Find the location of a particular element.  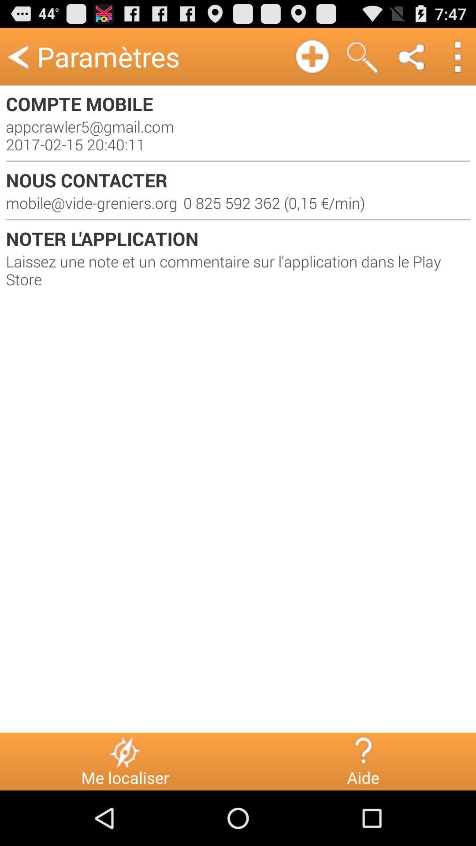

the flash icon is located at coordinates (125, 805).